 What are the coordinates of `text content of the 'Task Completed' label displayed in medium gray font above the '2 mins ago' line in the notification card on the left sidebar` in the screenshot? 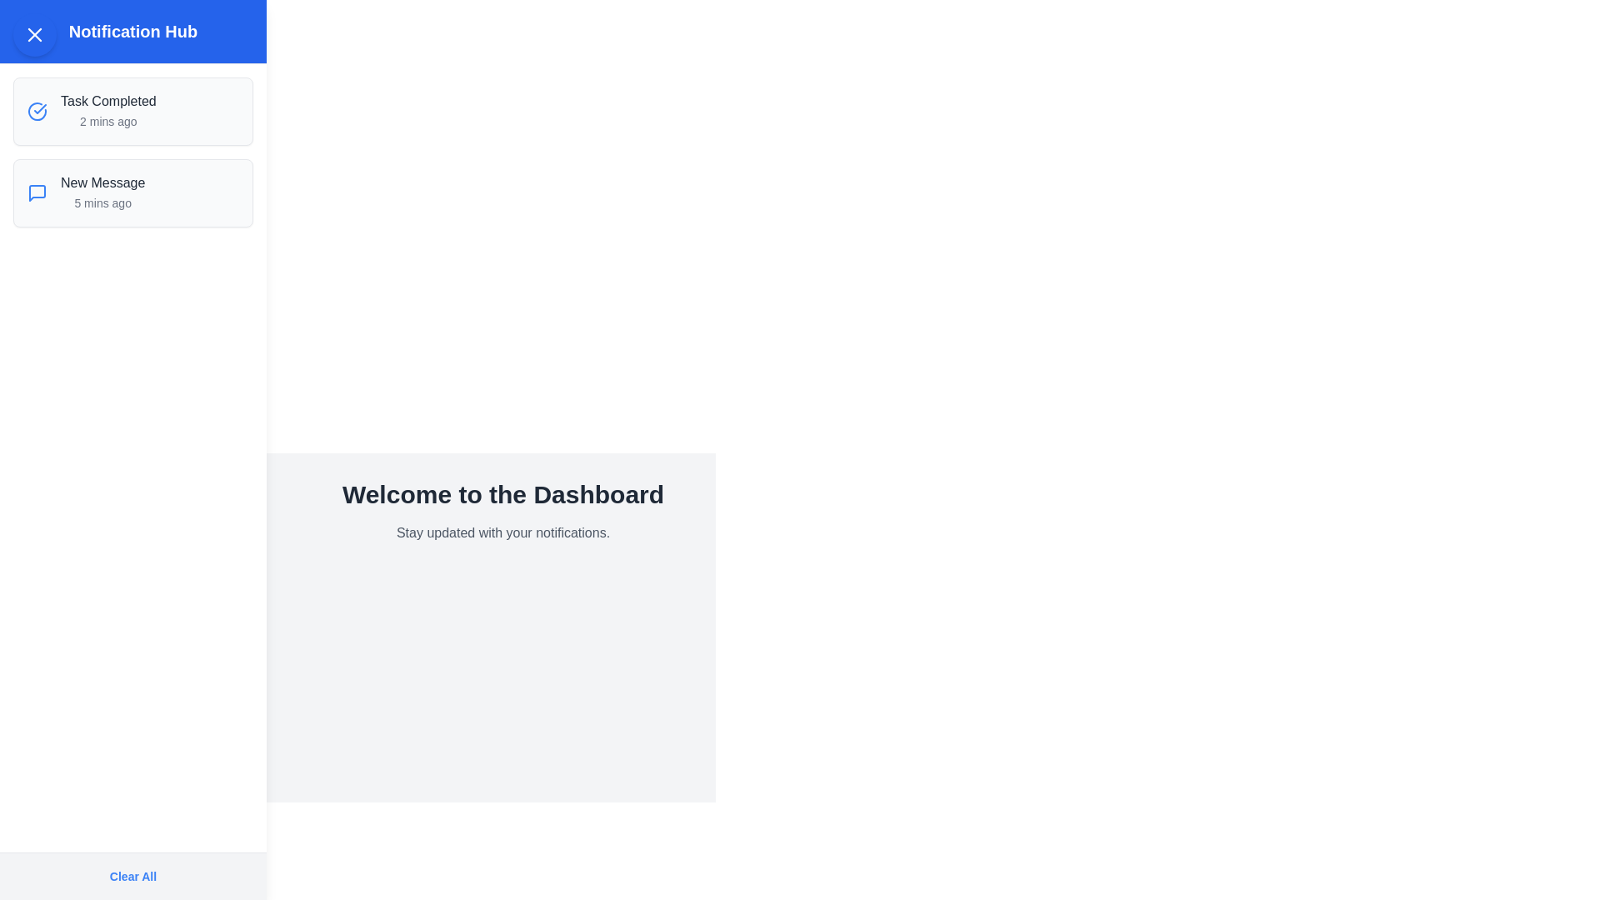 It's located at (107, 102).